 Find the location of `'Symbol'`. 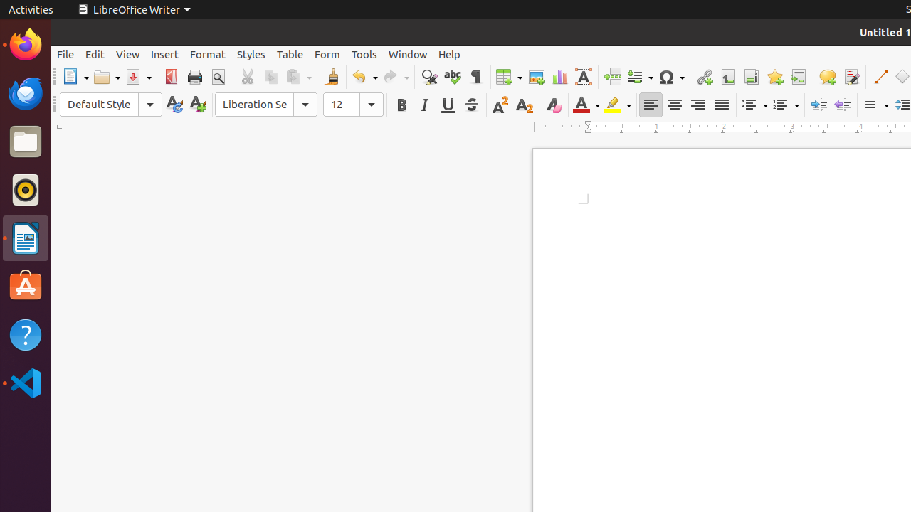

'Symbol' is located at coordinates (670, 77).